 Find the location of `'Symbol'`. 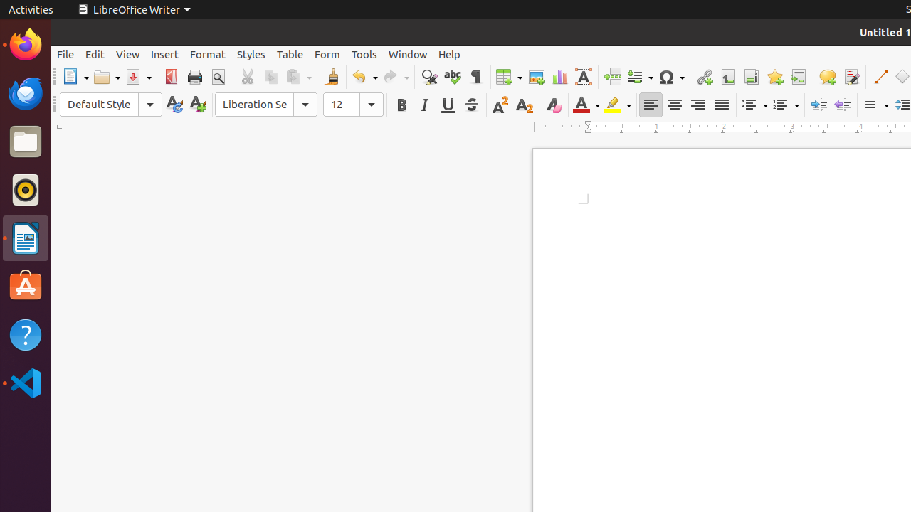

'Symbol' is located at coordinates (670, 77).